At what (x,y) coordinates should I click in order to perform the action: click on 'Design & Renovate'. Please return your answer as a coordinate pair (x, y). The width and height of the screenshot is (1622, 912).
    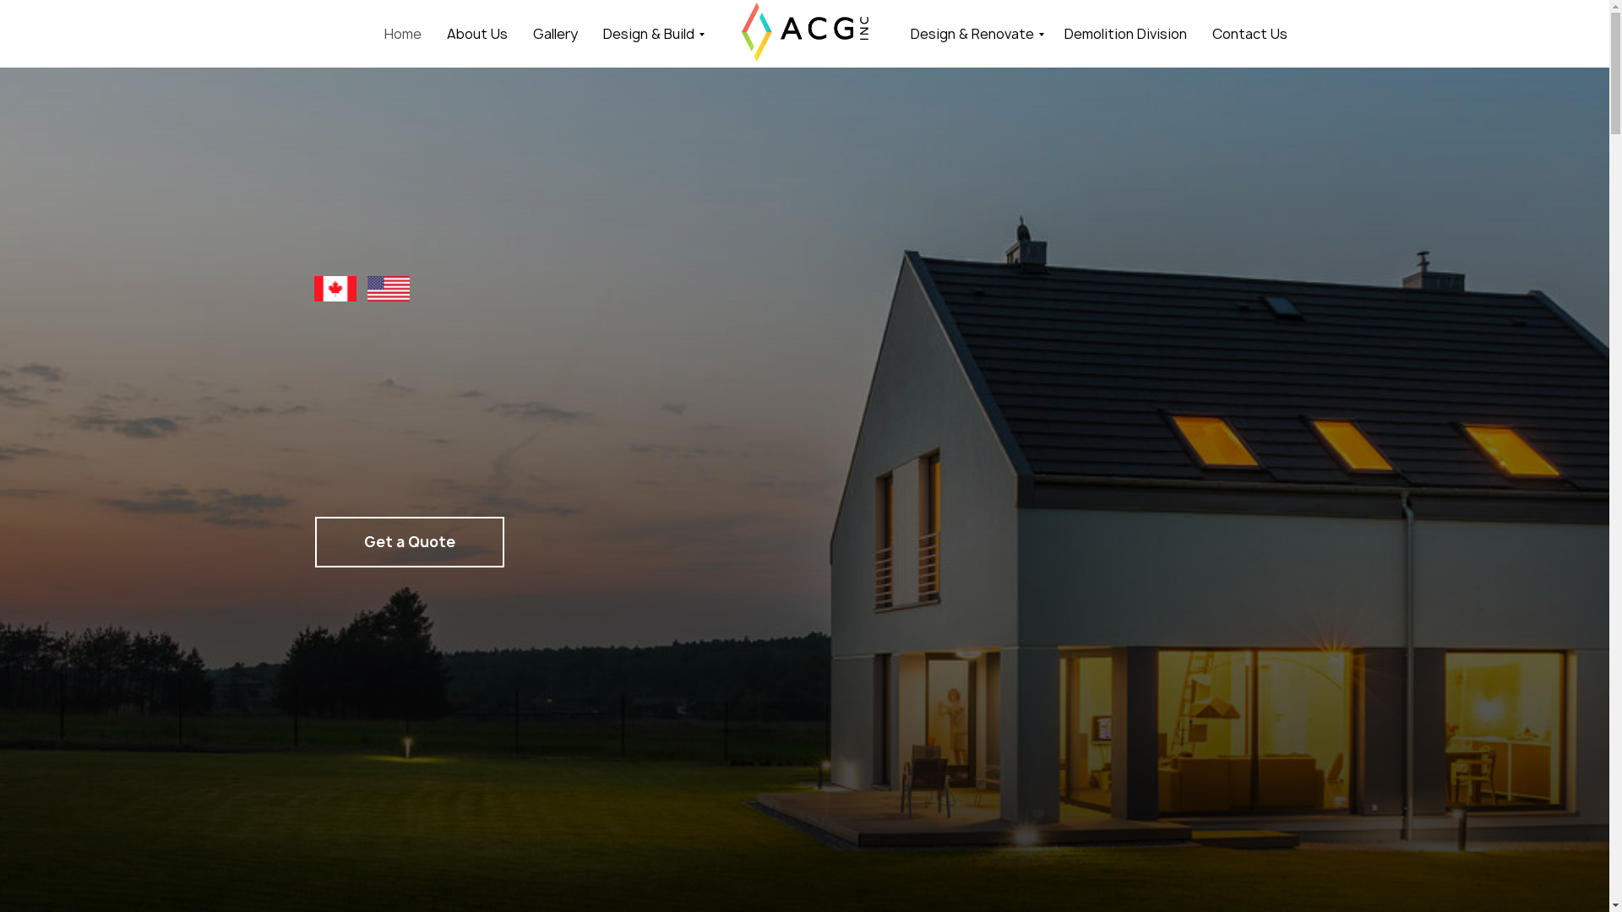
    Looking at the image, I should click on (974, 32).